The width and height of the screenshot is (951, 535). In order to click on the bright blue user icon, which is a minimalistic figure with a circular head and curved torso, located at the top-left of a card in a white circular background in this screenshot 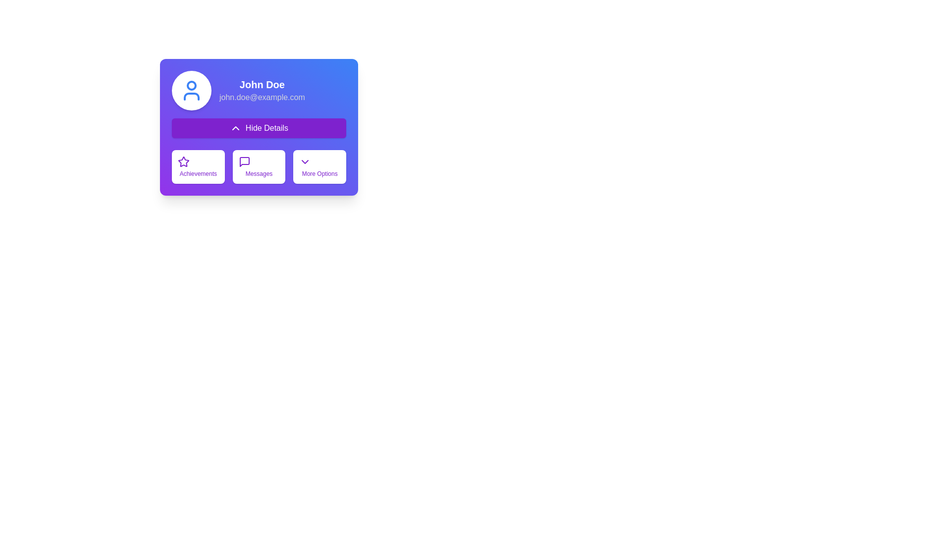, I will do `click(192, 90)`.